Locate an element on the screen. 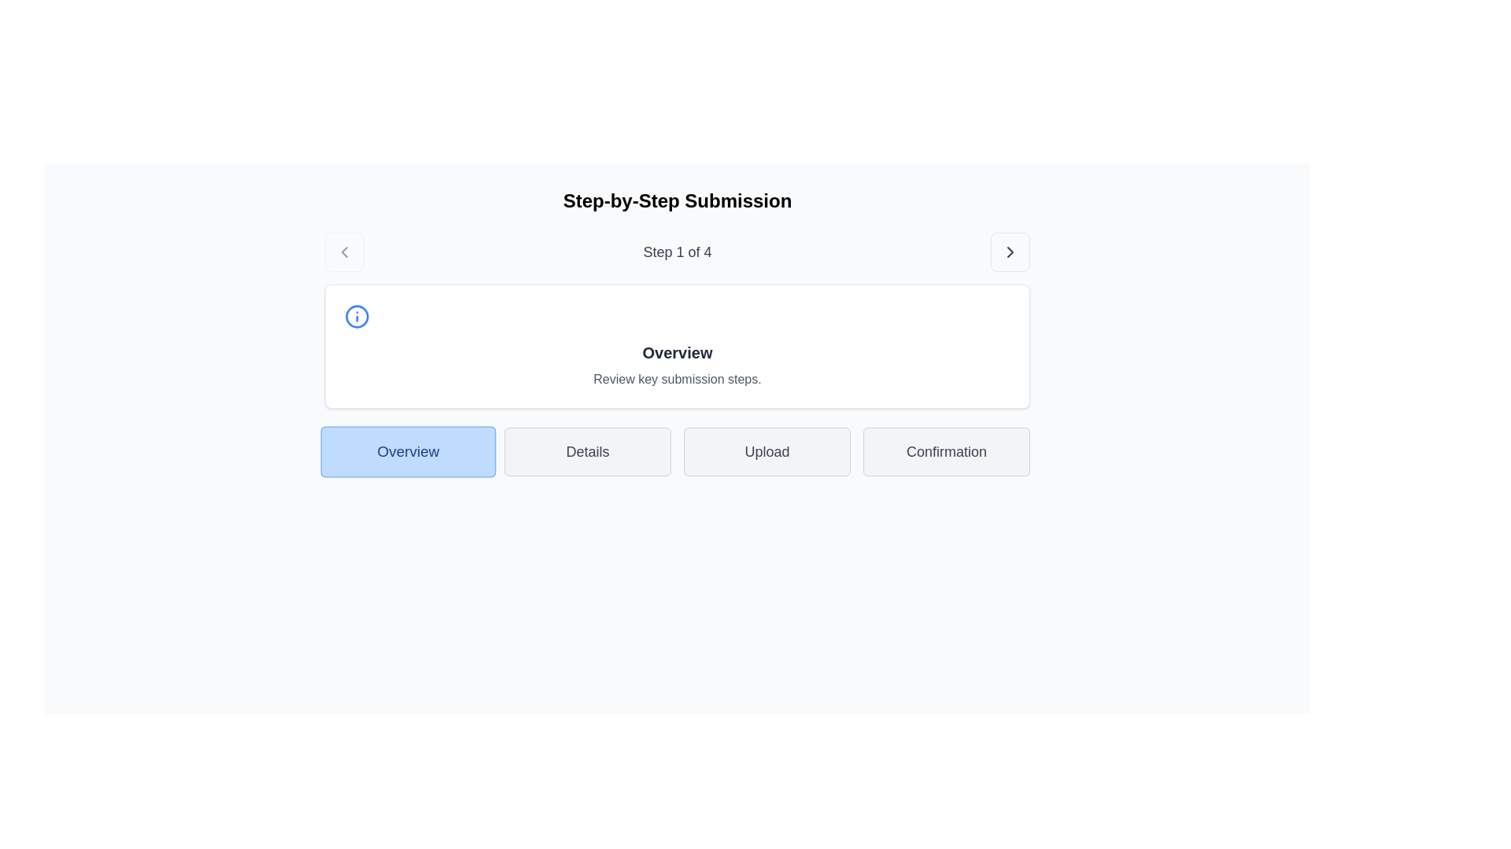 The image size is (1511, 849). the 'Overview' tab in the Informational dialog titled 'Step-by-Step Submission' is located at coordinates (677, 332).